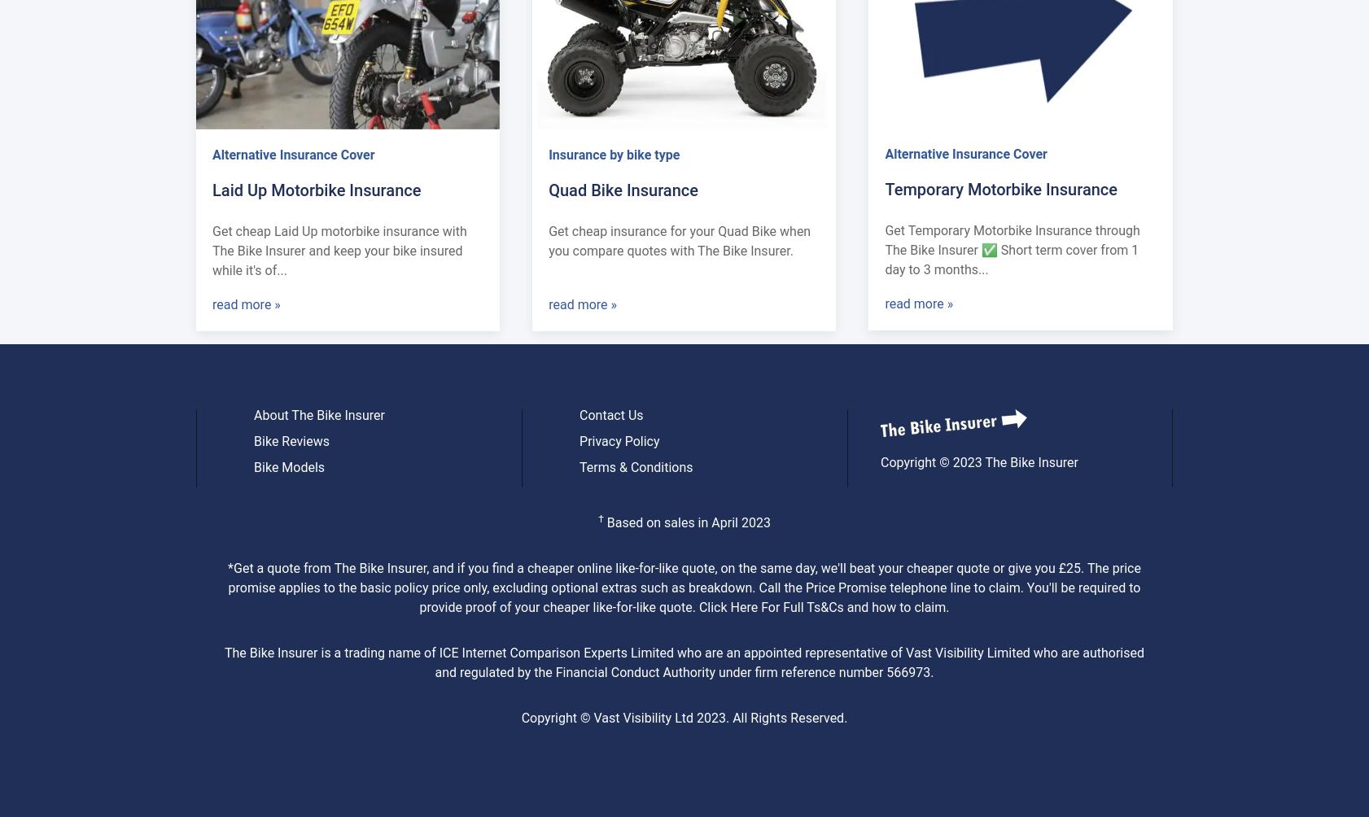 This screenshot has height=817, width=1369. I want to click on 'Temporary Motorbike Insurance', so click(1000, 189).